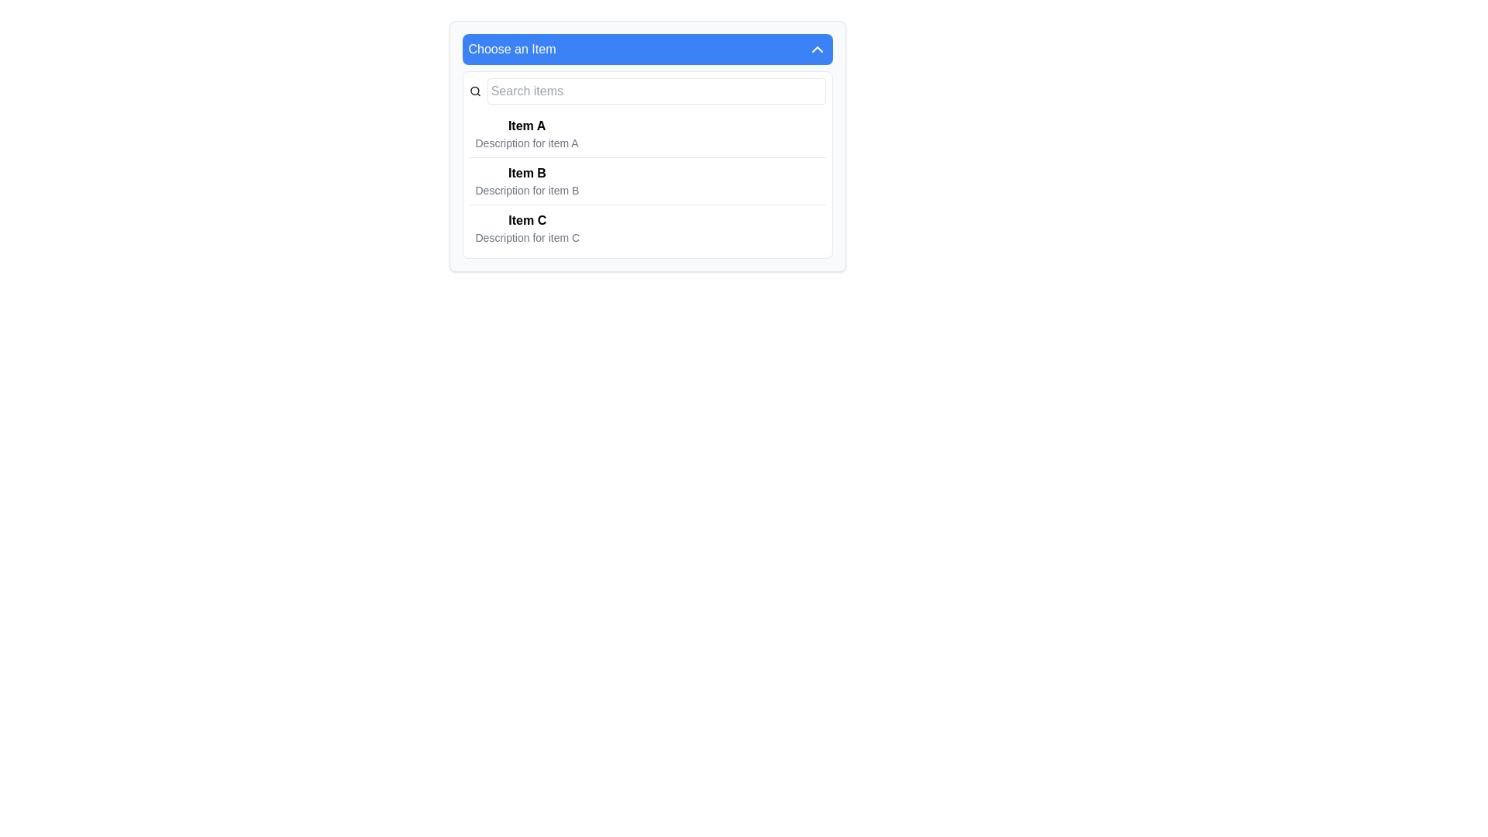  I want to click on the List Item element that displays the bolded title 'Item A' and the description 'Description for item A', so click(527, 133).